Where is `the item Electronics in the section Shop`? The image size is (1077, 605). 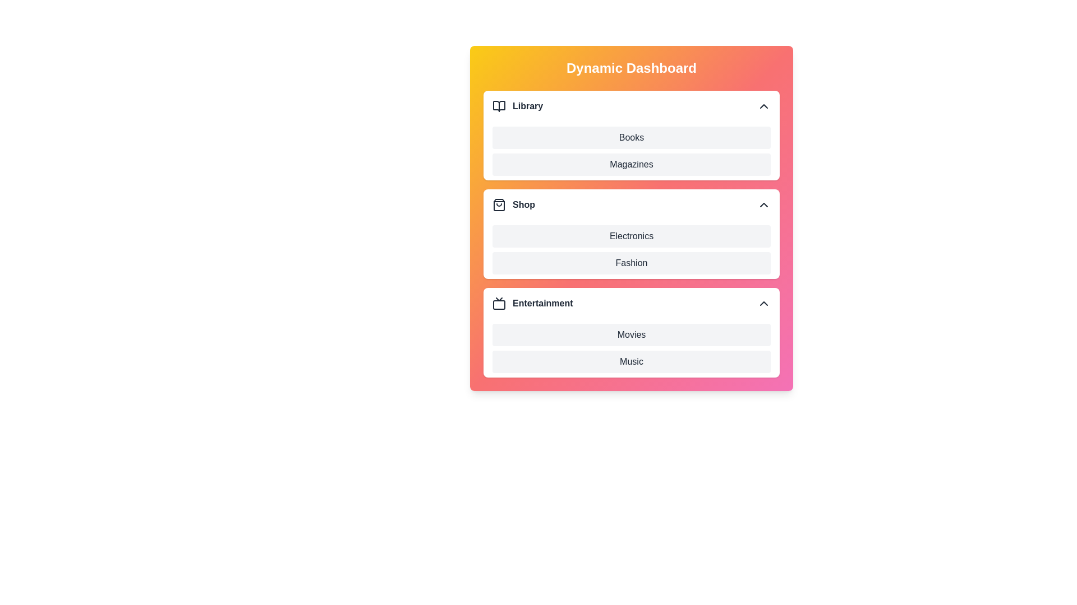 the item Electronics in the section Shop is located at coordinates (493, 235).